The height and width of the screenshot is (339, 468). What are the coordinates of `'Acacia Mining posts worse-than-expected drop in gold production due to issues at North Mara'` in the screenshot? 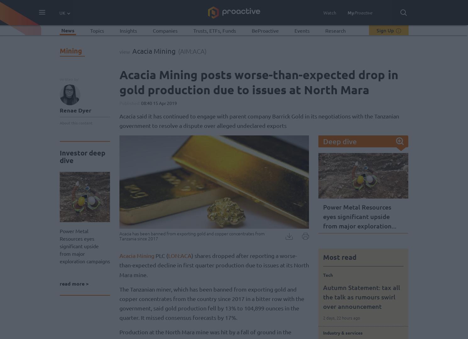 It's located at (118, 82).